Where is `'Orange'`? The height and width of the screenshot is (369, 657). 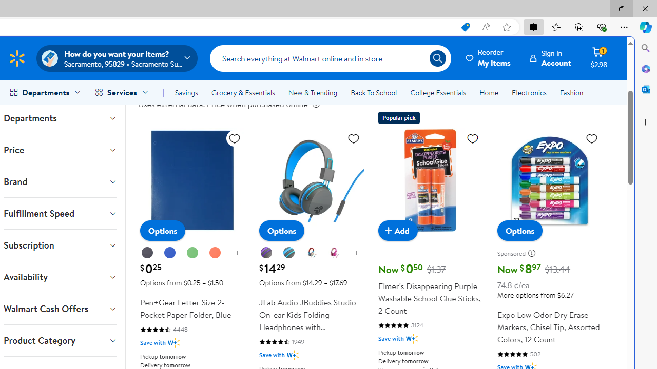
'Orange' is located at coordinates (215, 253).